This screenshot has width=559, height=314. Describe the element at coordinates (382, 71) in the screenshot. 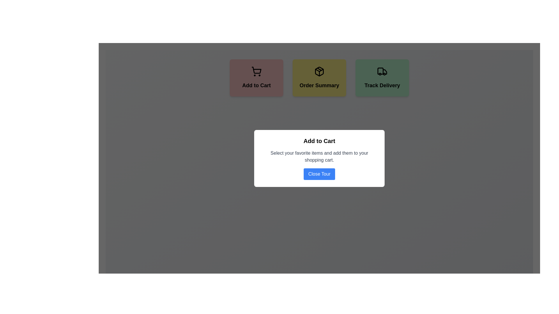

I see `the truck-shaped icon located in the 'Track Delivery' button for accessibility` at that location.